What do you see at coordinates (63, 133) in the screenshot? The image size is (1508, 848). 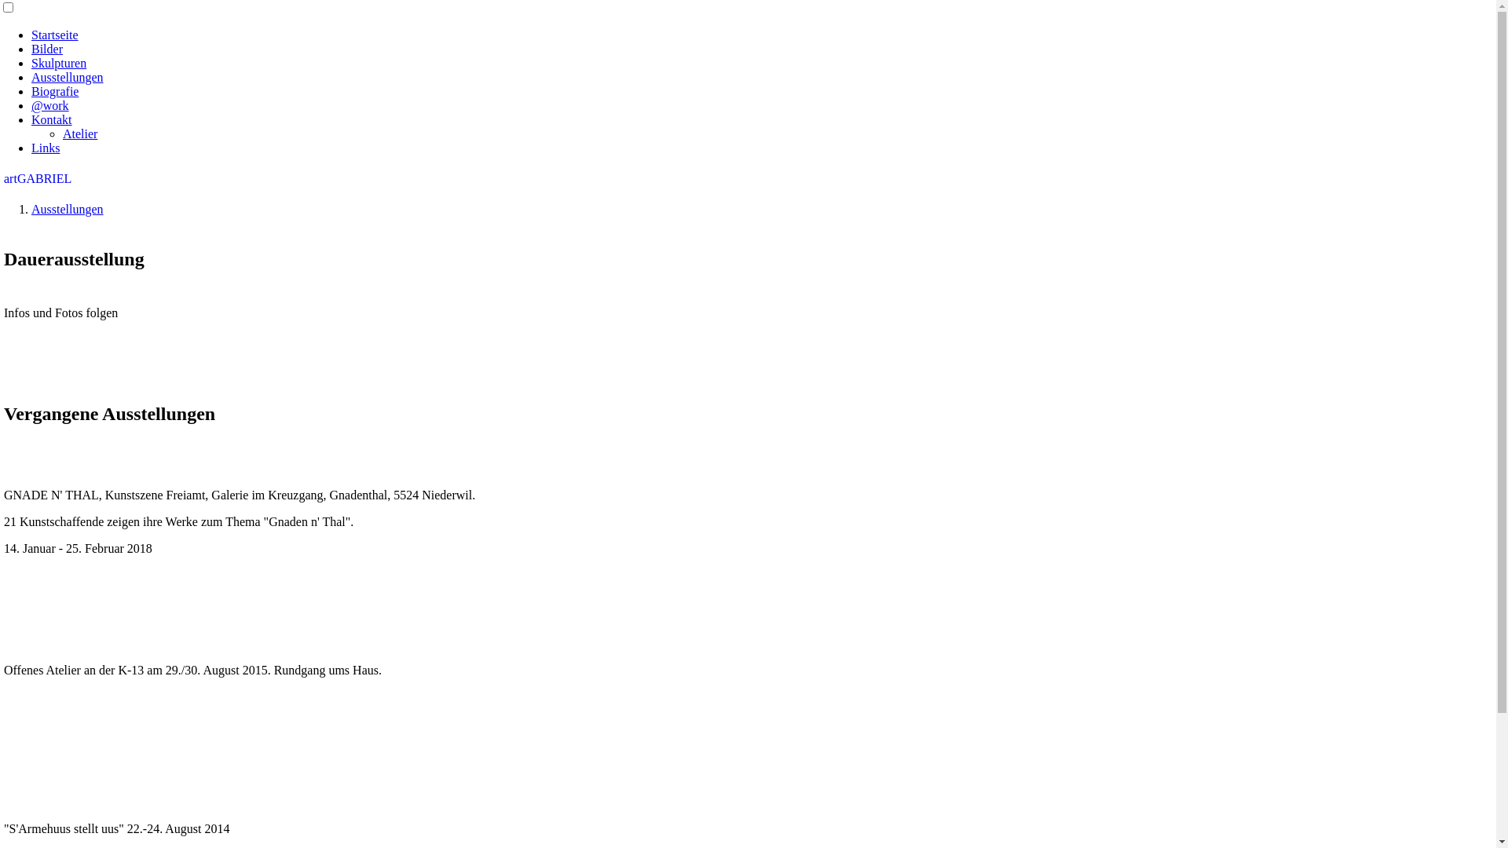 I see `'Atelier'` at bounding box center [63, 133].